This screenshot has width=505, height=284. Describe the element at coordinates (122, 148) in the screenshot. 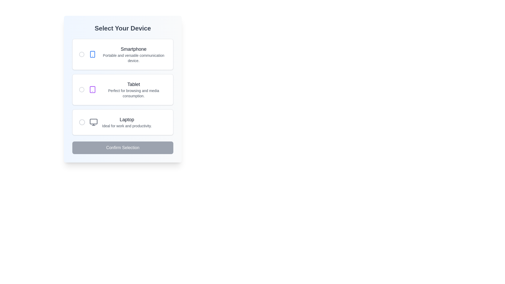

I see `the confirmation button located at the bottom of the device selection options to observe any hover effects` at that location.